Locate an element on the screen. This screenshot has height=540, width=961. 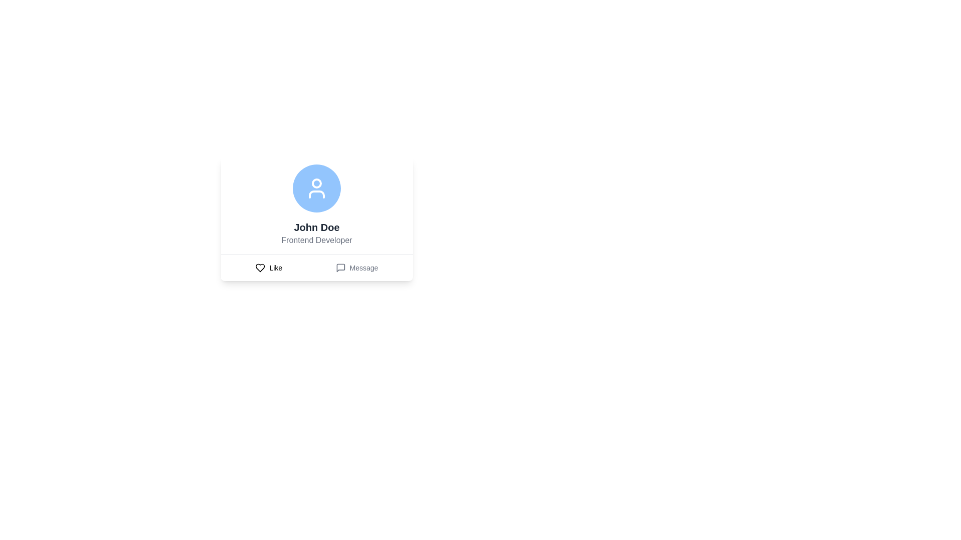
text element displaying 'John Doe' and 'Frontend Developer' located in the upper center part of the card layout, positioned below the circular avatar and above the 'Like' and 'Message' buttons is located at coordinates (316, 237).